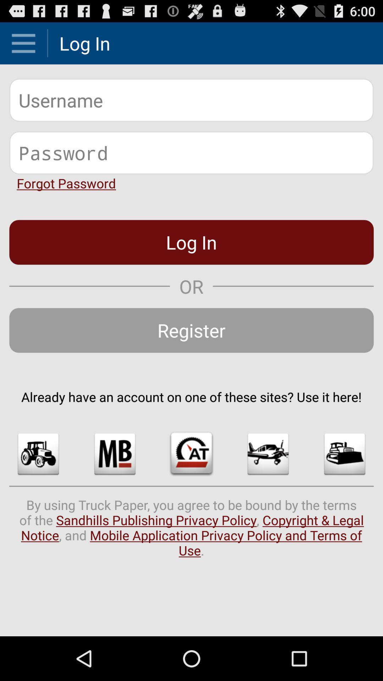  What do you see at coordinates (66, 183) in the screenshot?
I see `the forgot password` at bounding box center [66, 183].